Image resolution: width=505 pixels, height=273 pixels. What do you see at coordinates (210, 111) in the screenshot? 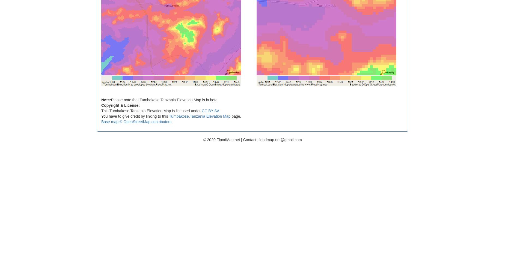
I see `'CC BY-SA'` at bounding box center [210, 111].